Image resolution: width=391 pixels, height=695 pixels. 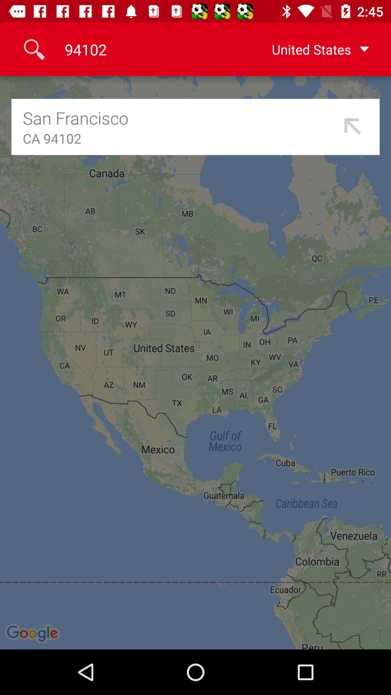 I want to click on the icon above ca 94102, so click(x=180, y=118).